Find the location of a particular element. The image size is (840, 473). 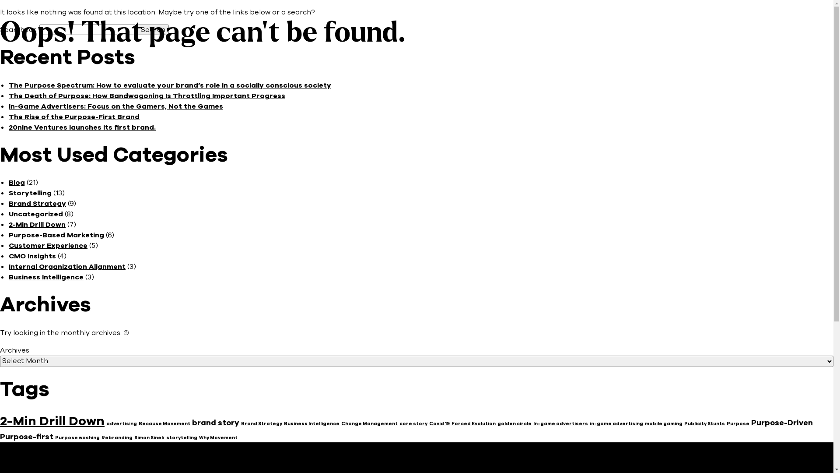

'In-game advertisers' is located at coordinates (560, 423).